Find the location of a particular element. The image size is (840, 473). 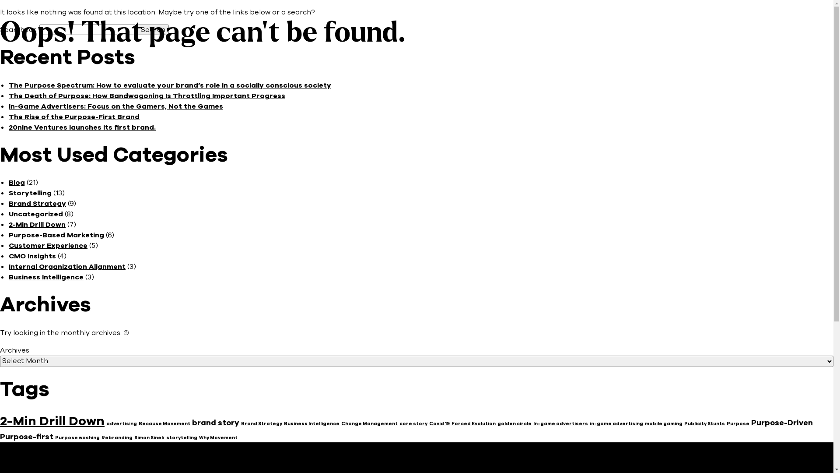

'In-game advertisers' is located at coordinates (560, 423).